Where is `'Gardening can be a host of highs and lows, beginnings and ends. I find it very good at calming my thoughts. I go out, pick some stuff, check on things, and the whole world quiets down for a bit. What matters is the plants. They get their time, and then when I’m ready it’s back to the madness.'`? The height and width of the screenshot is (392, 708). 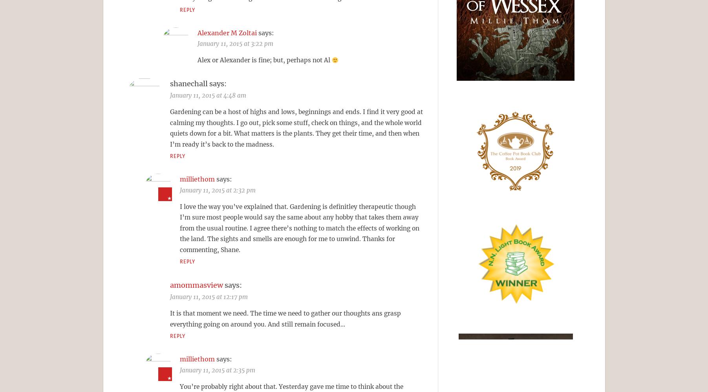
'Gardening can be a host of highs and lows, beginnings and ends. I find it very good at calming my thoughts. I go out, pick some stuff, check on things, and the whole world quiets down for a bit. What matters is the plants. They get their time, and then when I’m ready it’s back to the madness.' is located at coordinates (296, 127).